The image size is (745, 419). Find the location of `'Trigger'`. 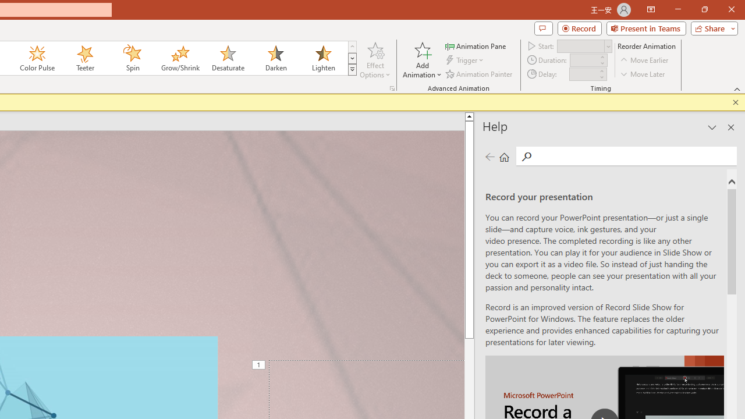

'Trigger' is located at coordinates (466, 60).